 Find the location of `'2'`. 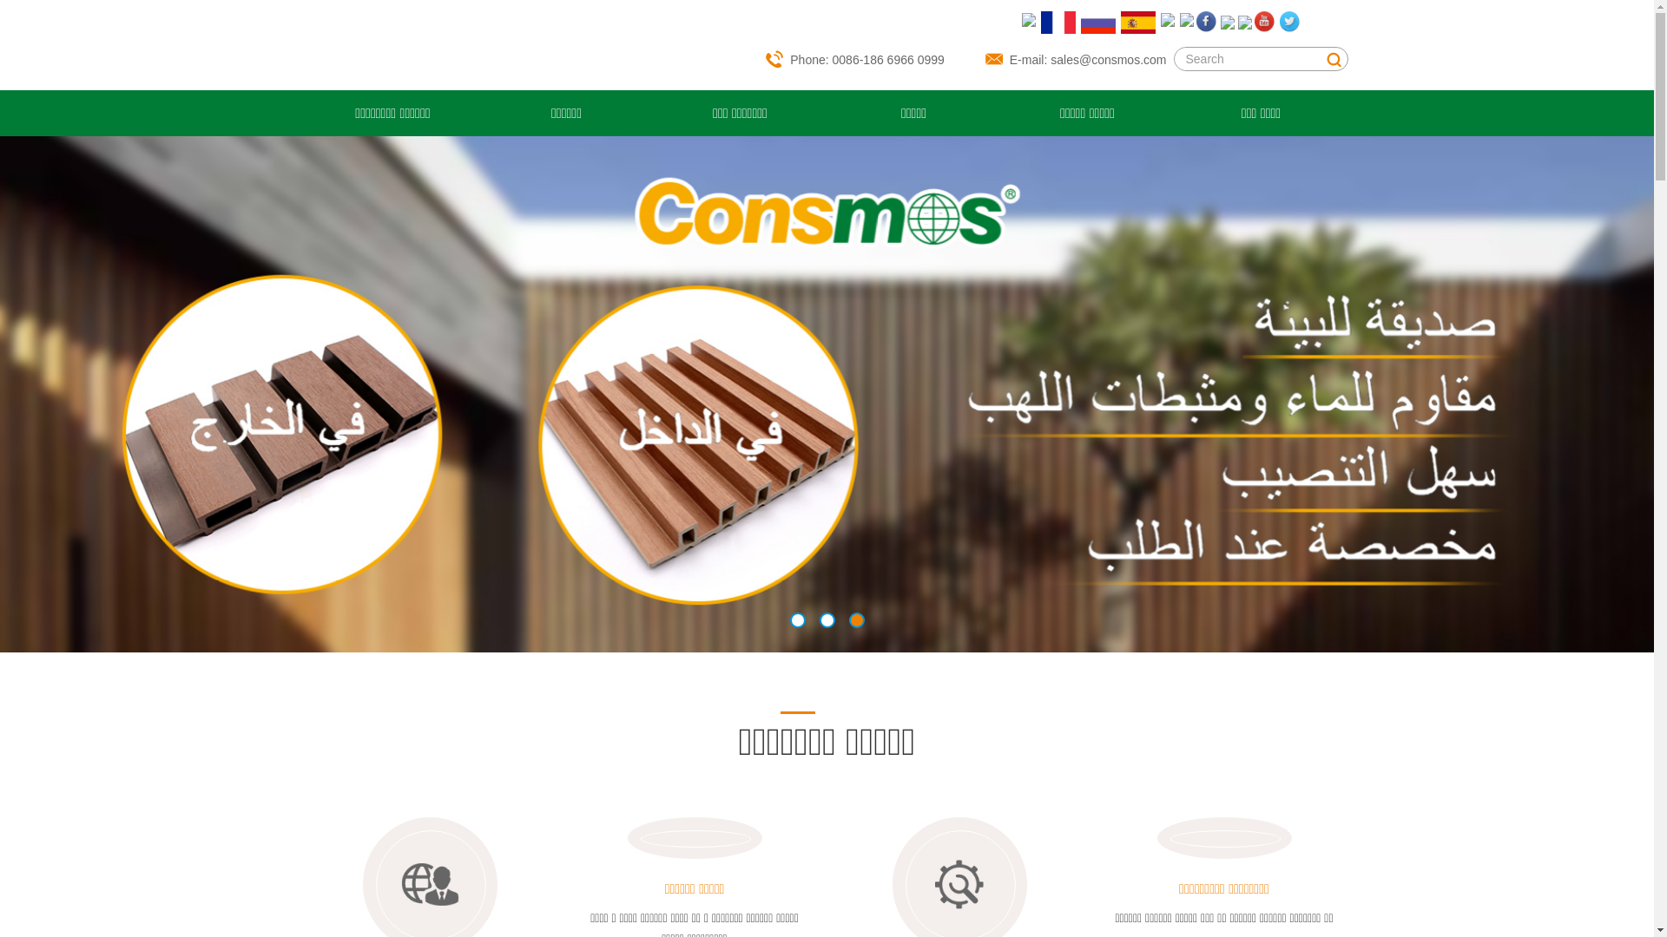

'2' is located at coordinates (827, 619).